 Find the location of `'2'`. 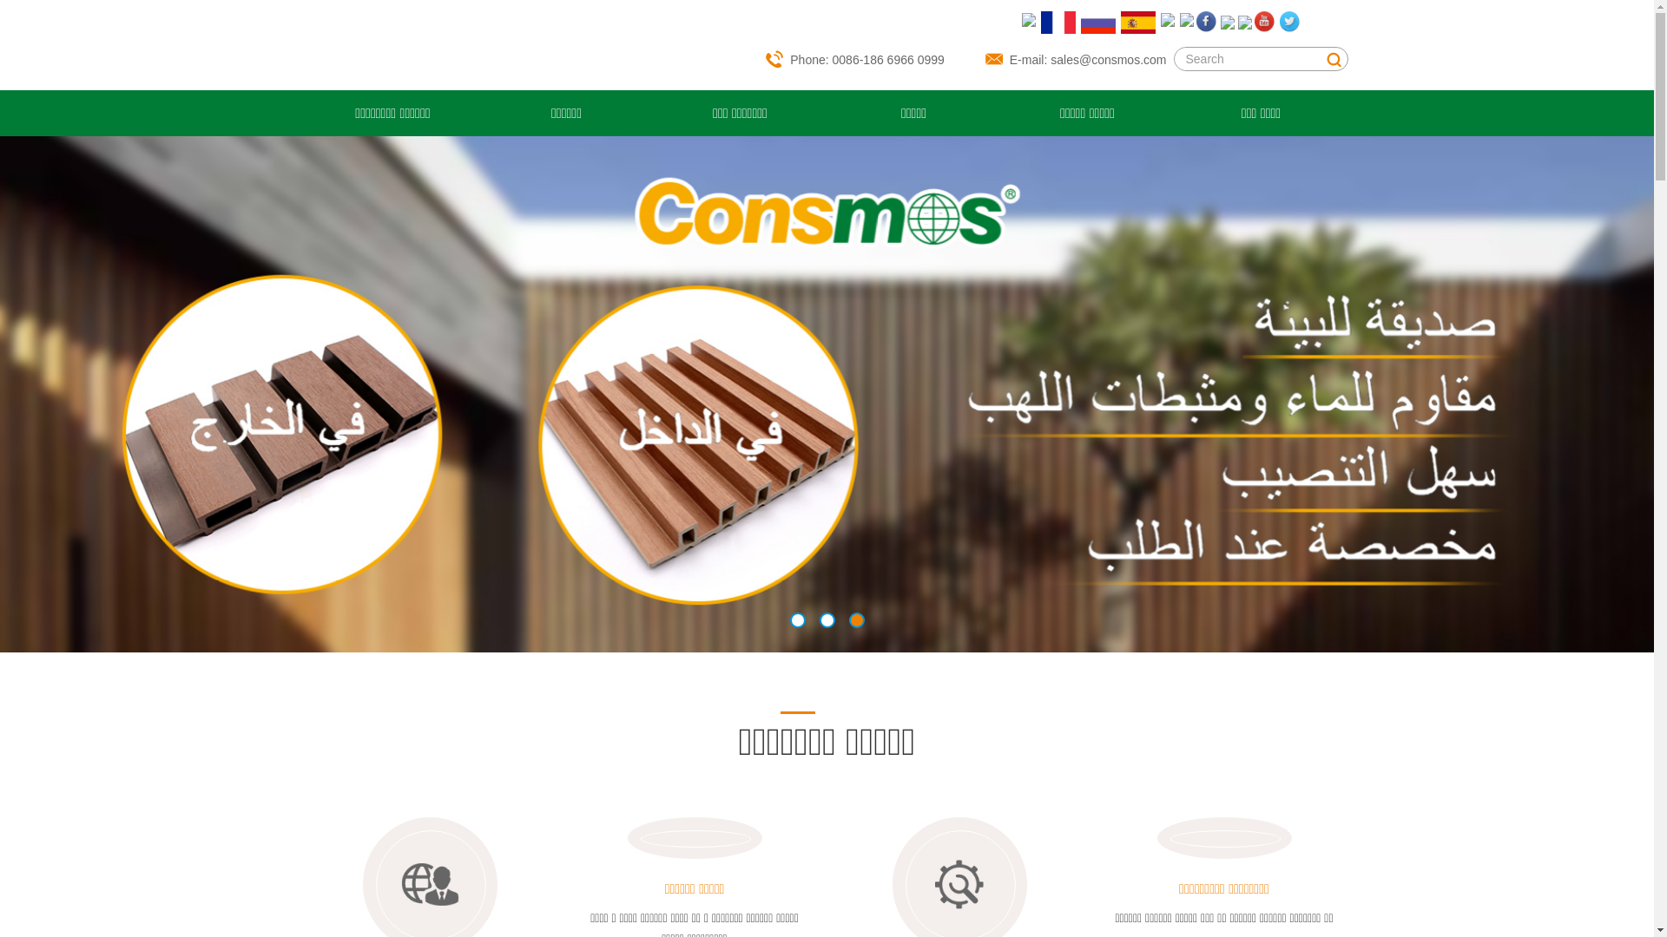

'2' is located at coordinates (827, 619).